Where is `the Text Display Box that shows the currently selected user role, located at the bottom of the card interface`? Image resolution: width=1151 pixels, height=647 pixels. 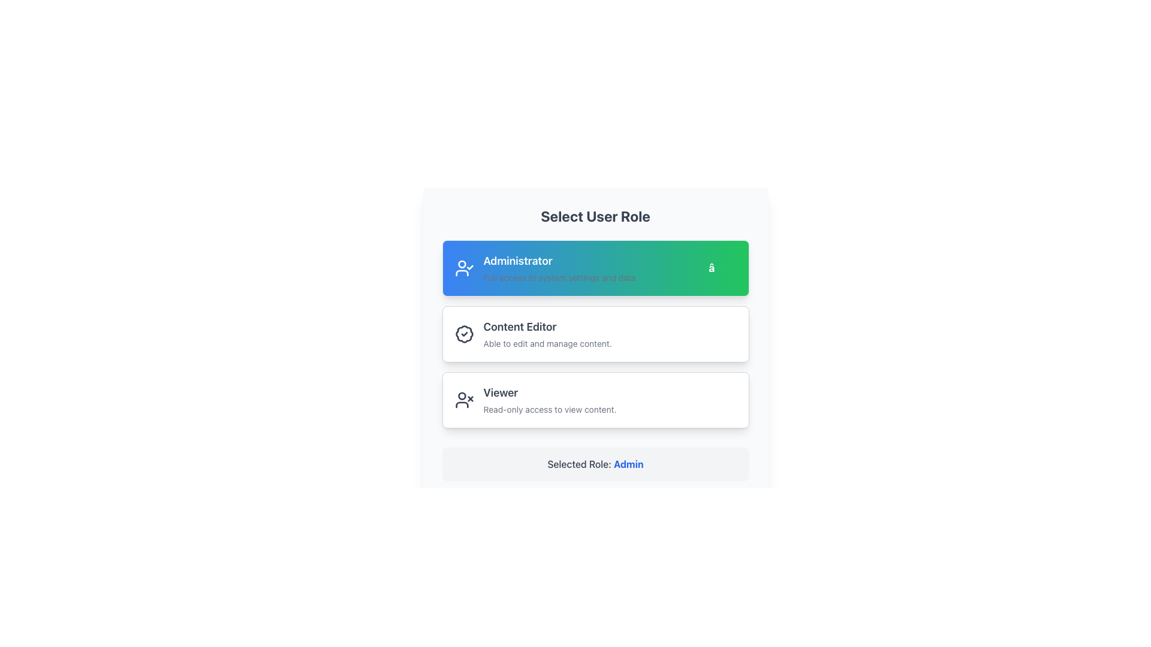 the Text Display Box that shows the currently selected user role, located at the bottom of the card interface is located at coordinates (595, 464).